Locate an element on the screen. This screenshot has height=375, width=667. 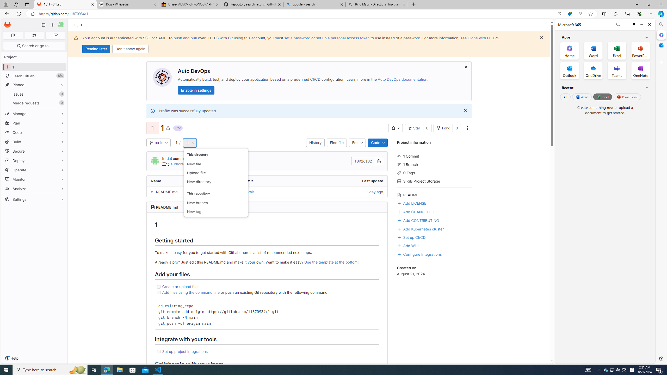
'3 KiB Project Storage' is located at coordinates (434, 180).